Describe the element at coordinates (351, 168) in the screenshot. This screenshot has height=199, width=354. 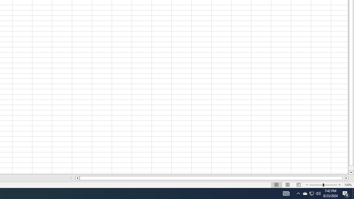
I see `'Page down'` at that location.